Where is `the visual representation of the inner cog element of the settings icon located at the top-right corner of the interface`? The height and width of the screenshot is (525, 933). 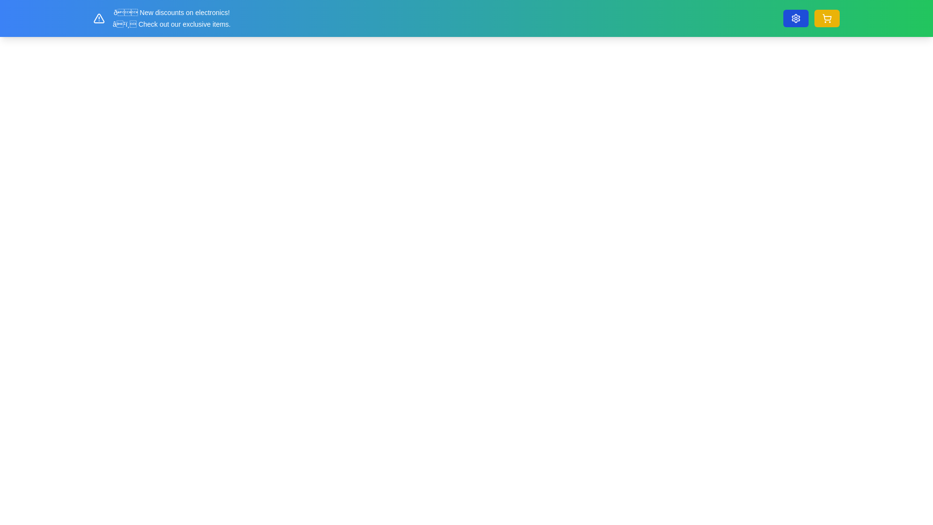 the visual representation of the inner cog element of the settings icon located at the top-right corner of the interface is located at coordinates (795, 18).